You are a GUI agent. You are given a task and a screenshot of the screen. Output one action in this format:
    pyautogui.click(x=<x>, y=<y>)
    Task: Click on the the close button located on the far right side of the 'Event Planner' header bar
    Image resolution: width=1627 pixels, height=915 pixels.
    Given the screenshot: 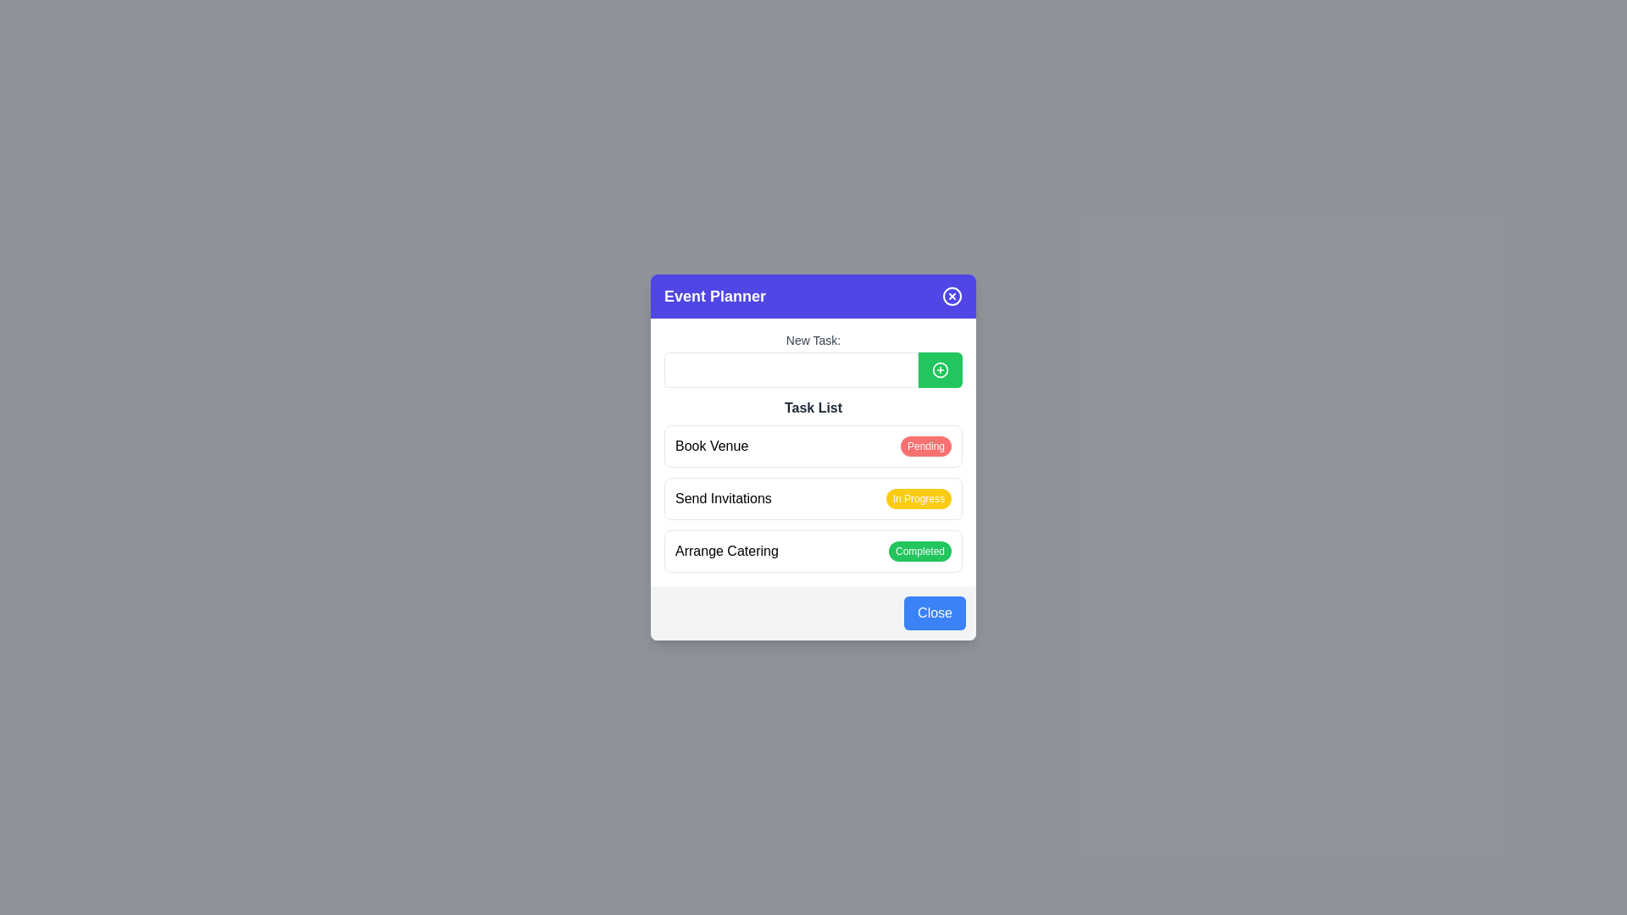 What is the action you would take?
    pyautogui.click(x=952, y=296)
    